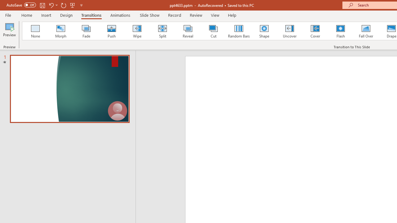  I want to click on 'Wipe', so click(136, 31).